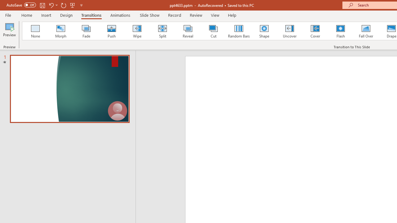  I want to click on 'Wipe', so click(136, 31).